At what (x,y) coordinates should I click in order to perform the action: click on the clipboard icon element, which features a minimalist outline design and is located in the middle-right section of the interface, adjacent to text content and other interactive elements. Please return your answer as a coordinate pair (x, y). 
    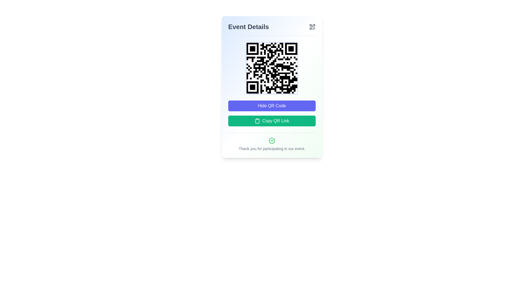
    Looking at the image, I should click on (257, 121).